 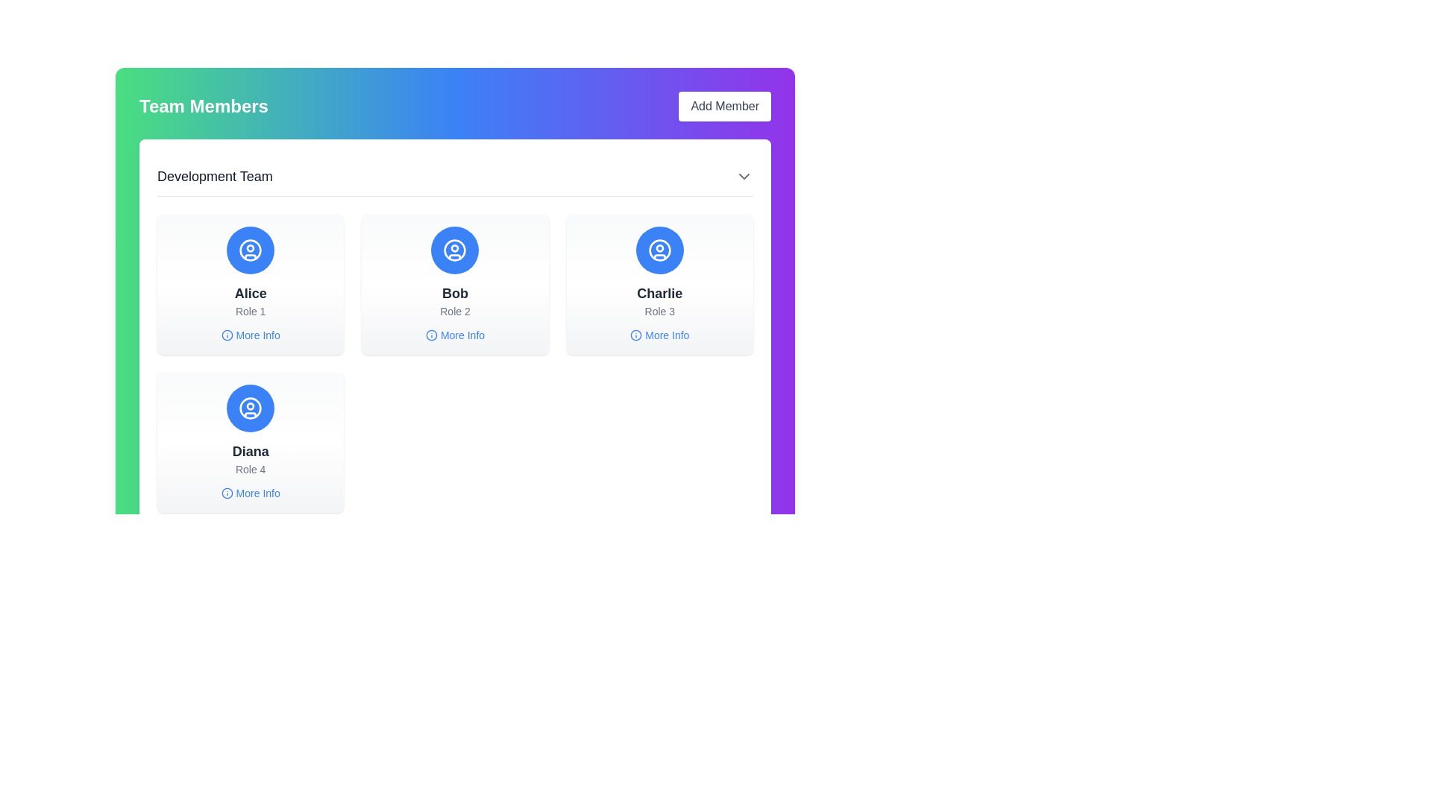 What do you see at coordinates (226, 335) in the screenshot?
I see `the icon indicating additional information related to 'Alice', located to the left of the 'More Info' text in the top left card of the grid structure` at bounding box center [226, 335].